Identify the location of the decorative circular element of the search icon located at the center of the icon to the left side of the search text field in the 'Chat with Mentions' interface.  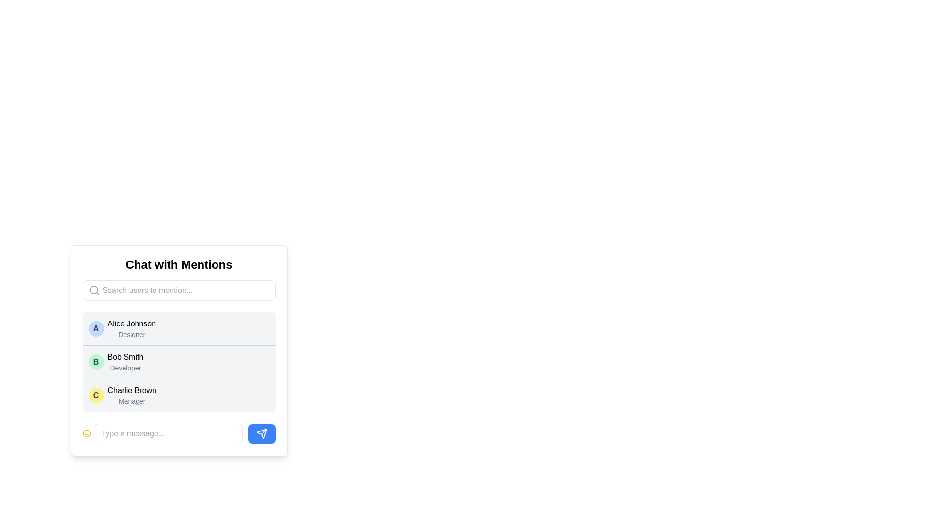
(93, 289).